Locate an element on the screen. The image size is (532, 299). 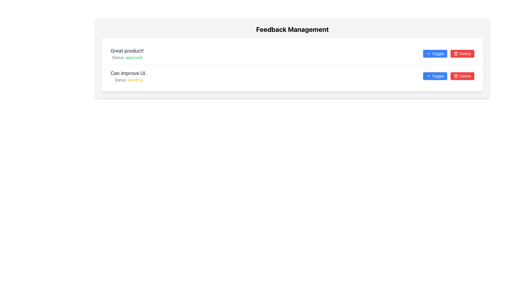
the text label displaying feedback 'Can improve UI.' and status 'Status: pending' in the 'Feedback Management' section, which is the second entry from the top is located at coordinates (128, 76).